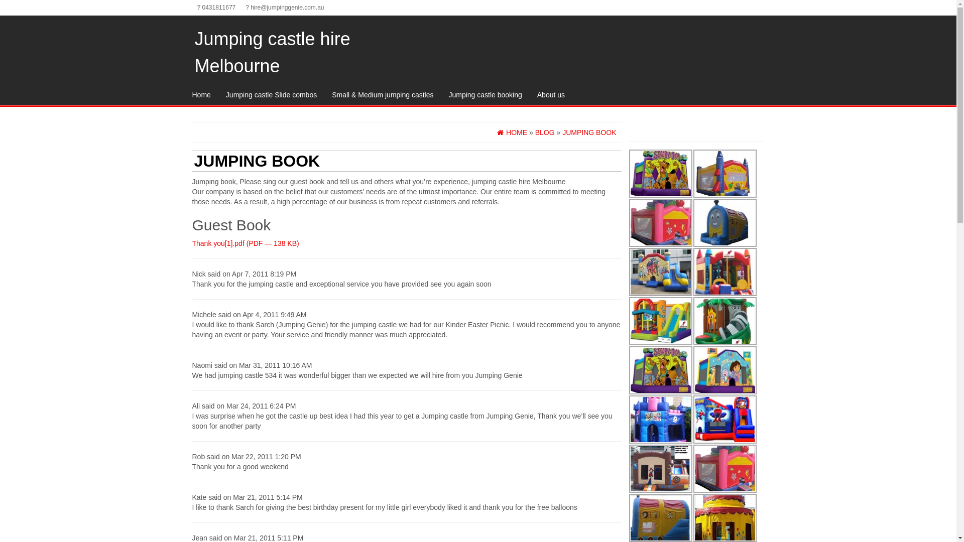  What do you see at coordinates (628, 420) in the screenshot?
I see `'Jumping castle 539.jpg'` at bounding box center [628, 420].